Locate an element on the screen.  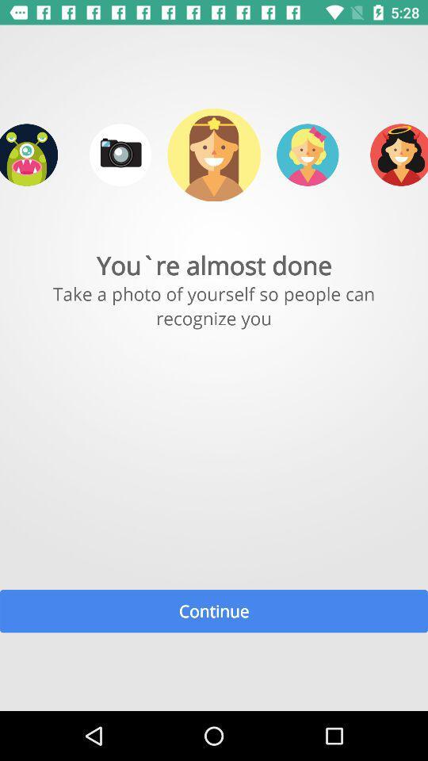
take a photo of yourself is located at coordinates (120, 155).